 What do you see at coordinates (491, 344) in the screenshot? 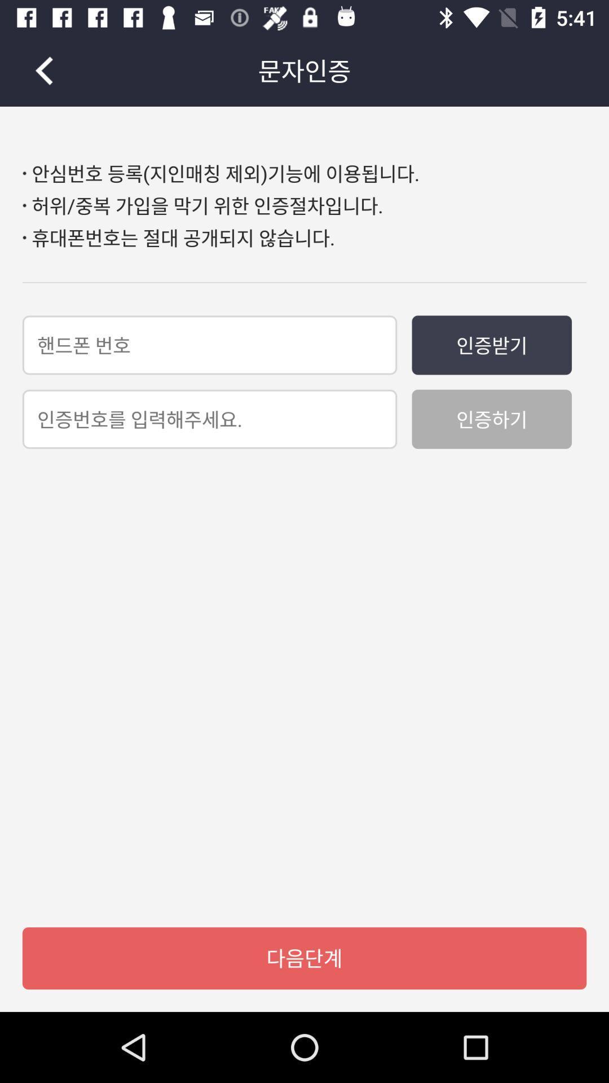
I see `the item at the top right corner` at bounding box center [491, 344].